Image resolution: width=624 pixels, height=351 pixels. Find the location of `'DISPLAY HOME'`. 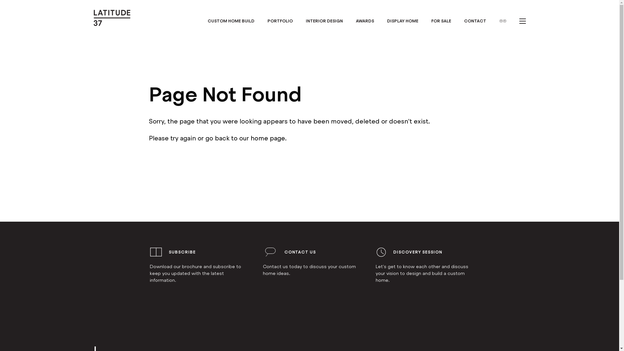

'DISPLAY HOME' is located at coordinates (402, 21).